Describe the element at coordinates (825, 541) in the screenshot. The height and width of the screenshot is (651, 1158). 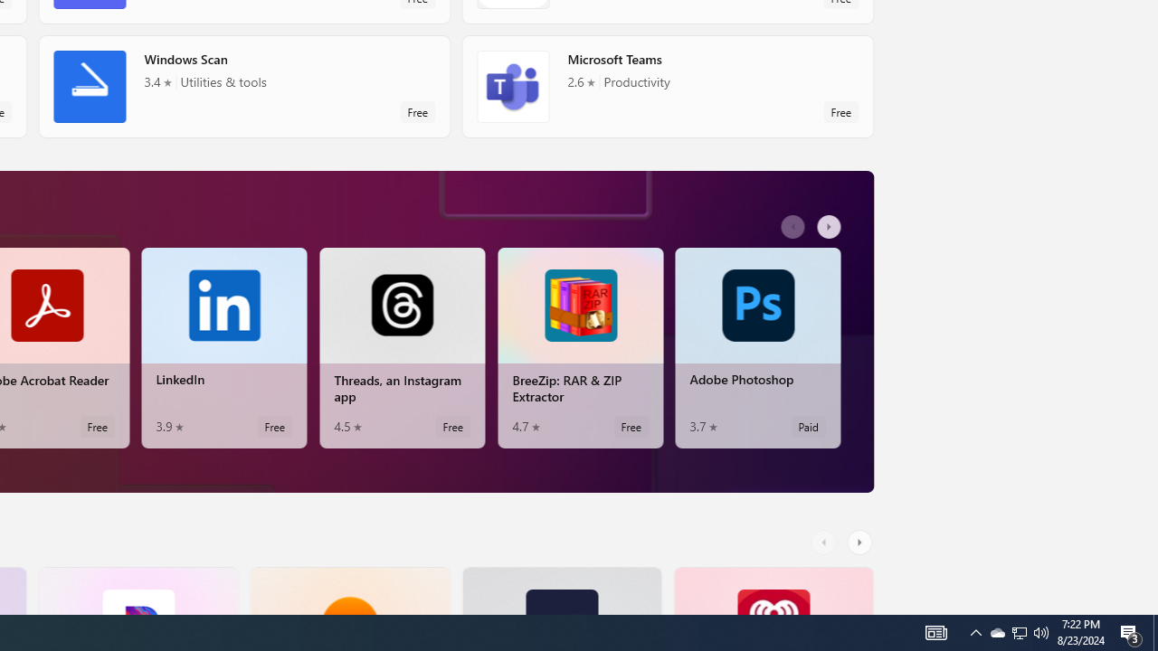
I see `'AutomationID: LeftScrollButton'` at that location.